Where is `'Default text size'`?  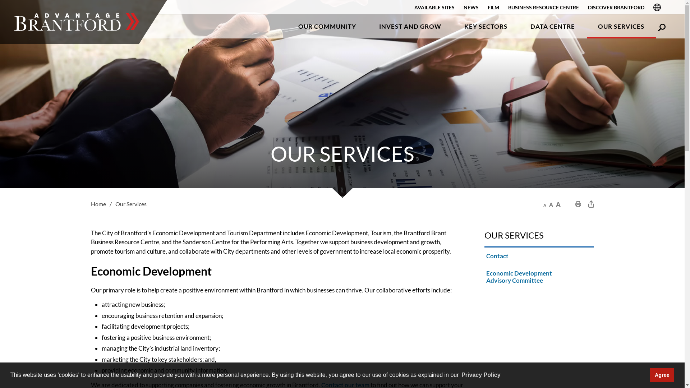 'Default text size' is located at coordinates (551, 204).